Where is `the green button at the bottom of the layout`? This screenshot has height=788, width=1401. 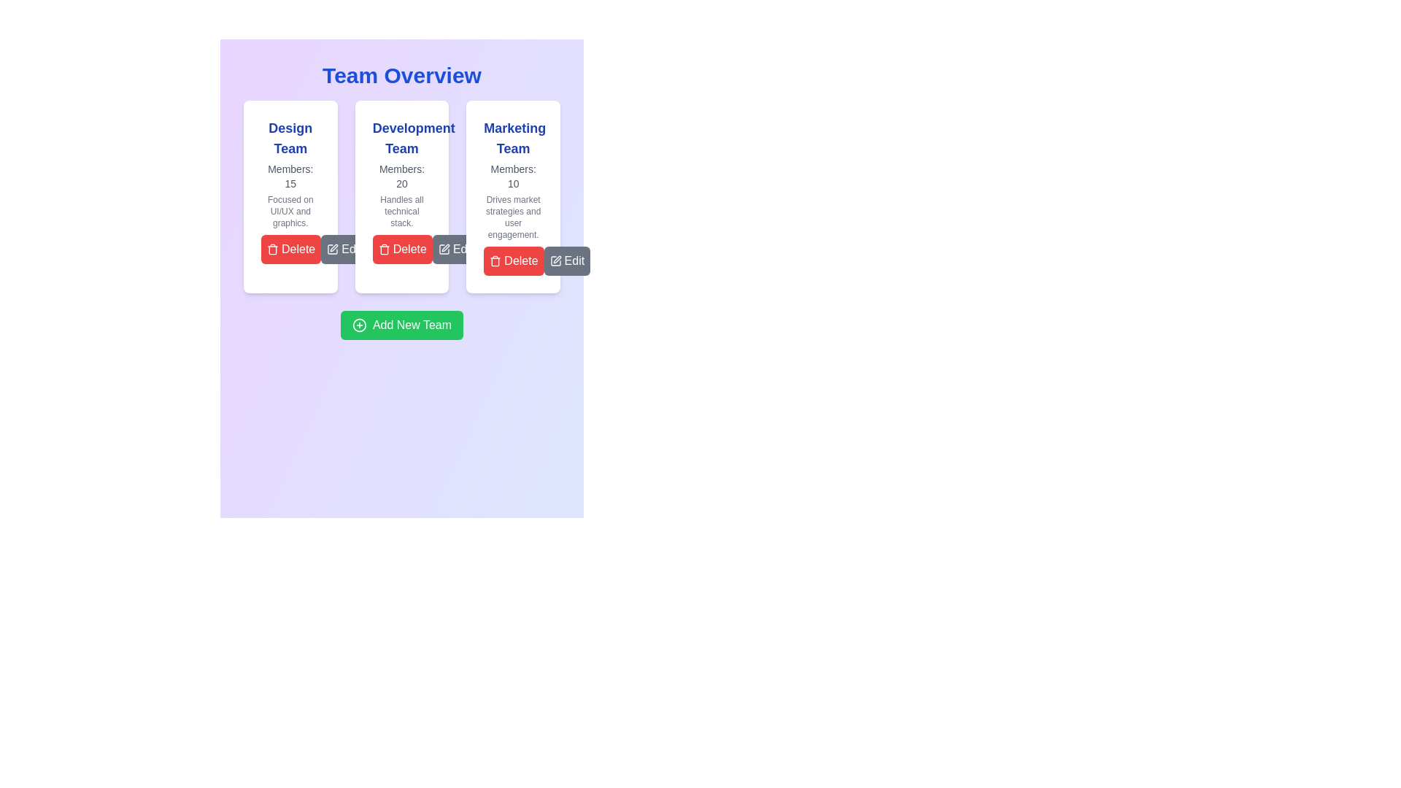 the green button at the bottom of the layout is located at coordinates (402, 325).